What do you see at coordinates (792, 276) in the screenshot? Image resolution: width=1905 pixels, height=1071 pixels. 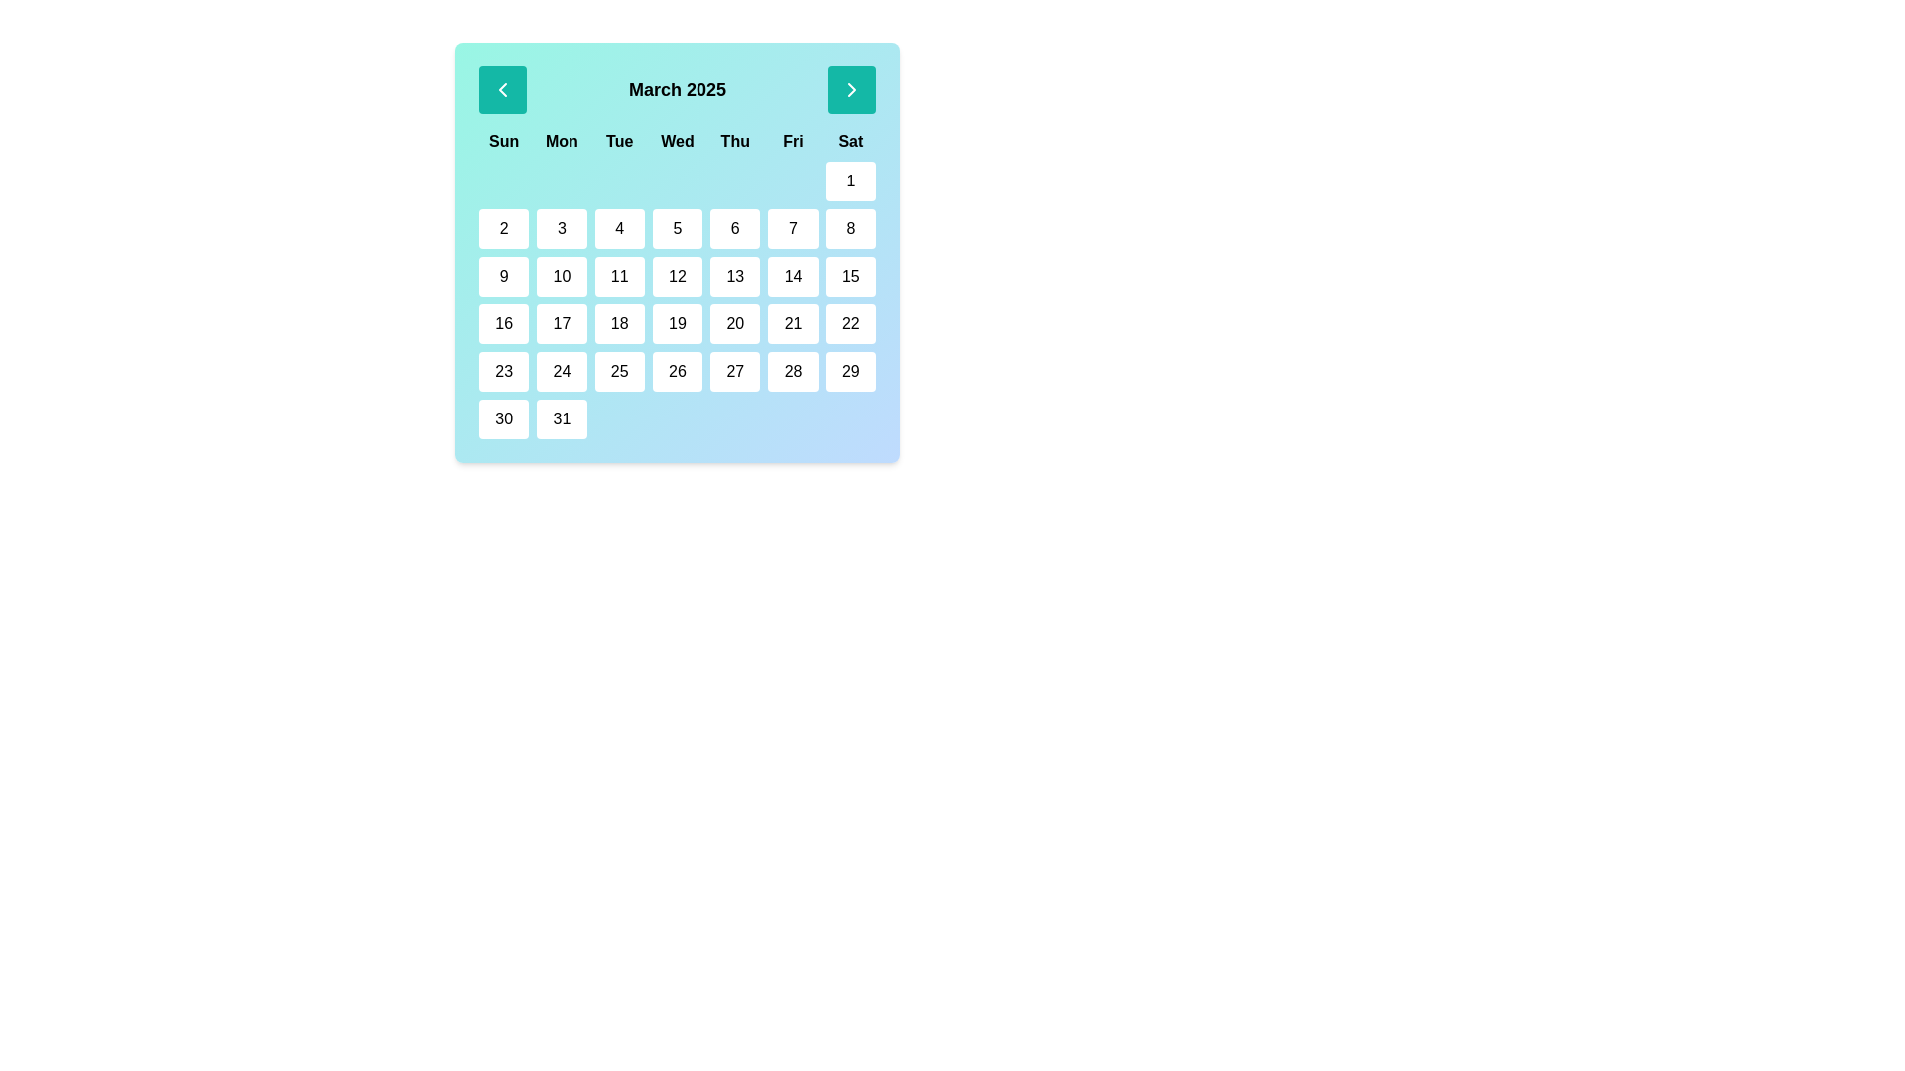 I see `the square-shaped button labeled '14' with a white background and black text, located in the third row and sixth column of the calendar grid` at bounding box center [792, 276].